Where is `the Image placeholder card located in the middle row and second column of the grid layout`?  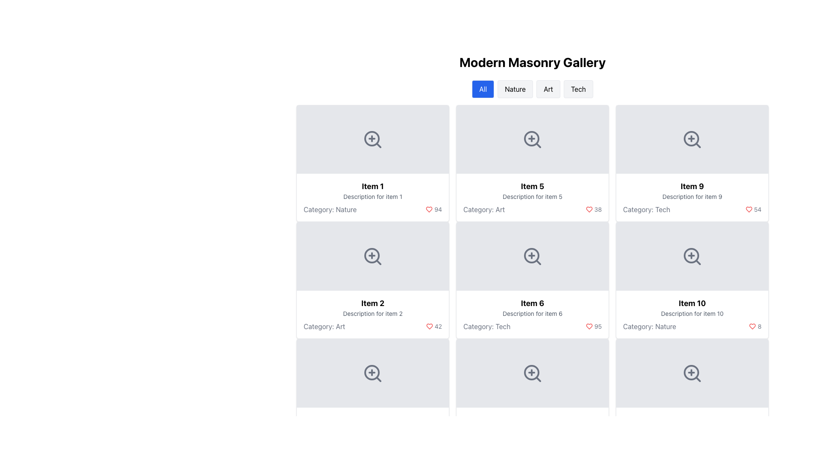 the Image placeholder card located in the middle row and second column of the grid layout is located at coordinates (532, 397).